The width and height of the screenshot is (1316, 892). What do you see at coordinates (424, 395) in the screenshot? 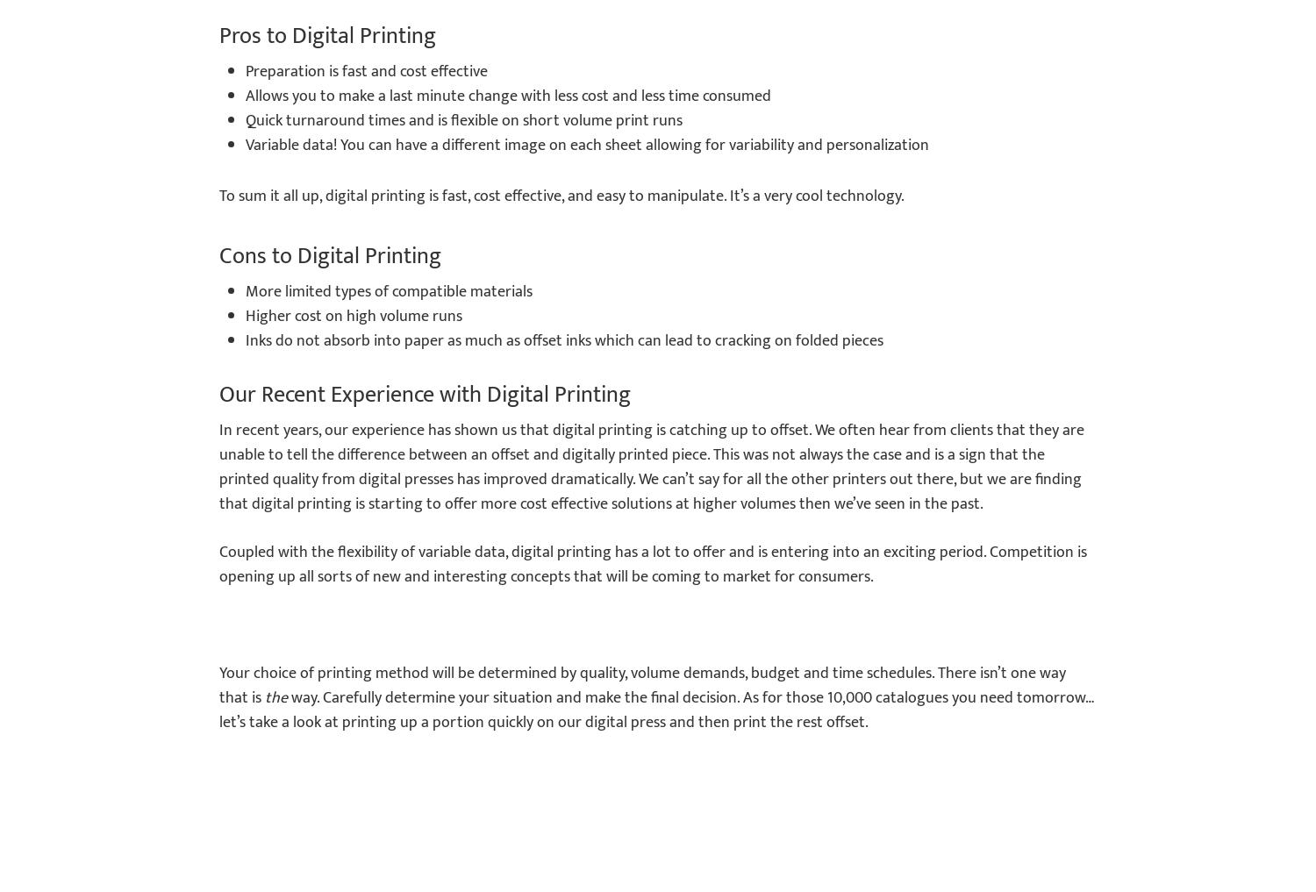
I see `'Our Recent Experience with Digital Printing'` at bounding box center [424, 395].